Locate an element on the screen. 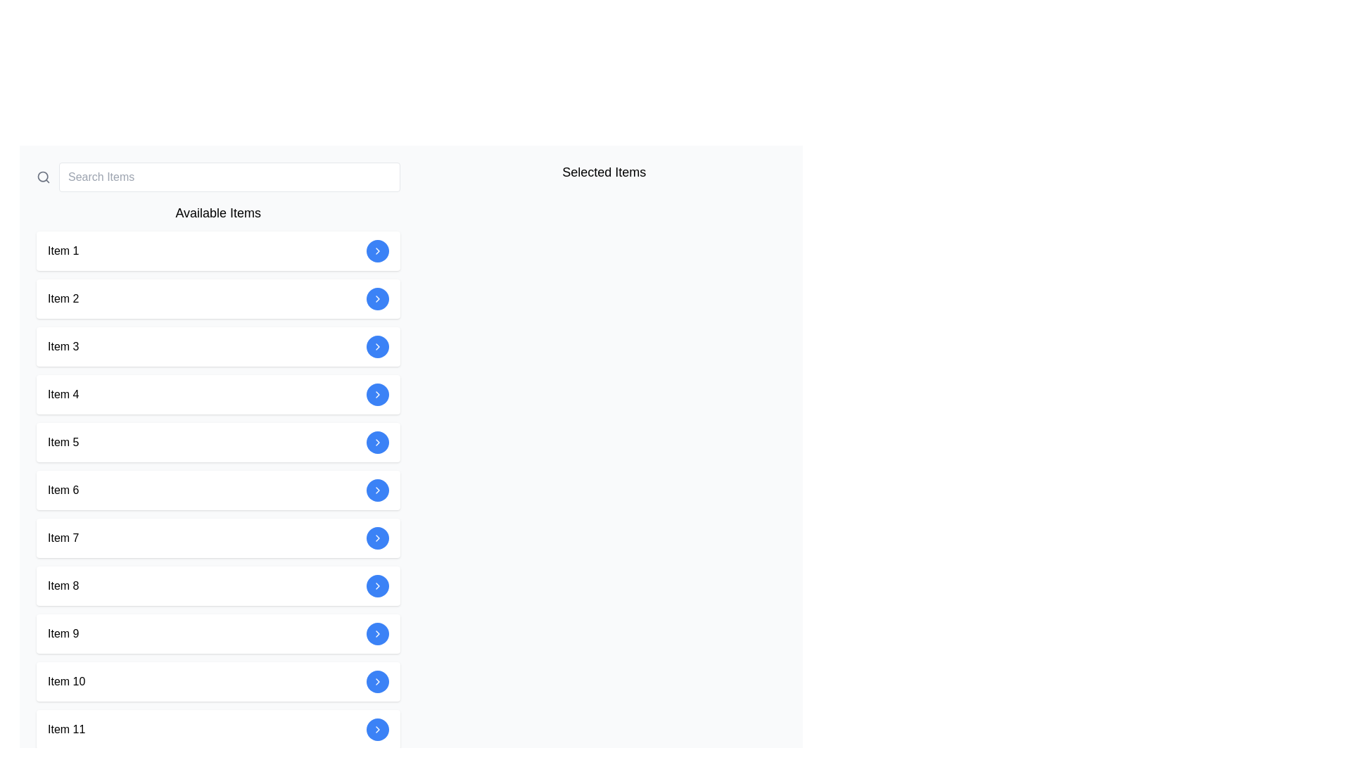 The width and height of the screenshot is (1351, 760). the sixth list item with action button, located between 'Item 5' and 'Item 7' in a vertical list is located at coordinates (217, 490).